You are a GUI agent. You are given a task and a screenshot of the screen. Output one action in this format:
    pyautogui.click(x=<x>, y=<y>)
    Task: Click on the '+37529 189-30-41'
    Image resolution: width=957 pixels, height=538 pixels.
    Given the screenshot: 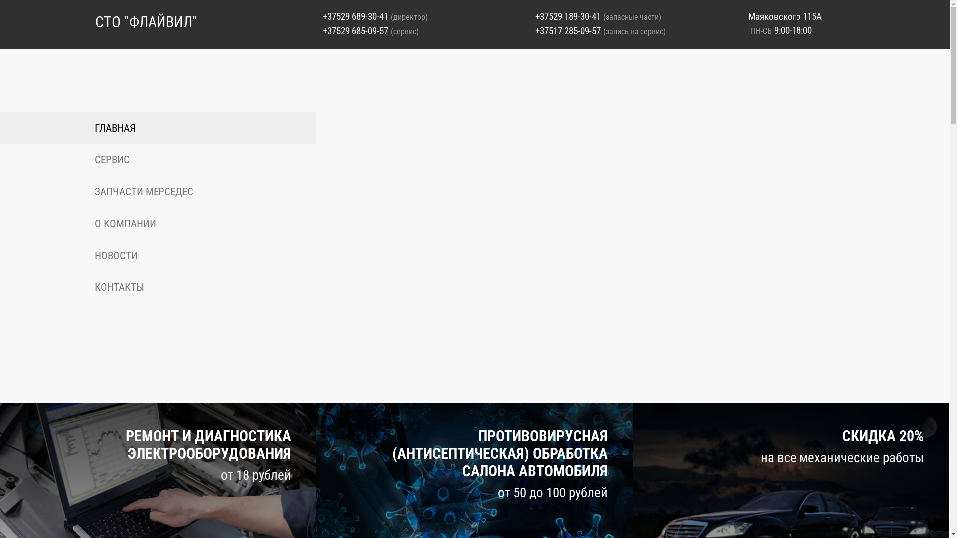 What is the action you would take?
    pyautogui.click(x=568, y=16)
    